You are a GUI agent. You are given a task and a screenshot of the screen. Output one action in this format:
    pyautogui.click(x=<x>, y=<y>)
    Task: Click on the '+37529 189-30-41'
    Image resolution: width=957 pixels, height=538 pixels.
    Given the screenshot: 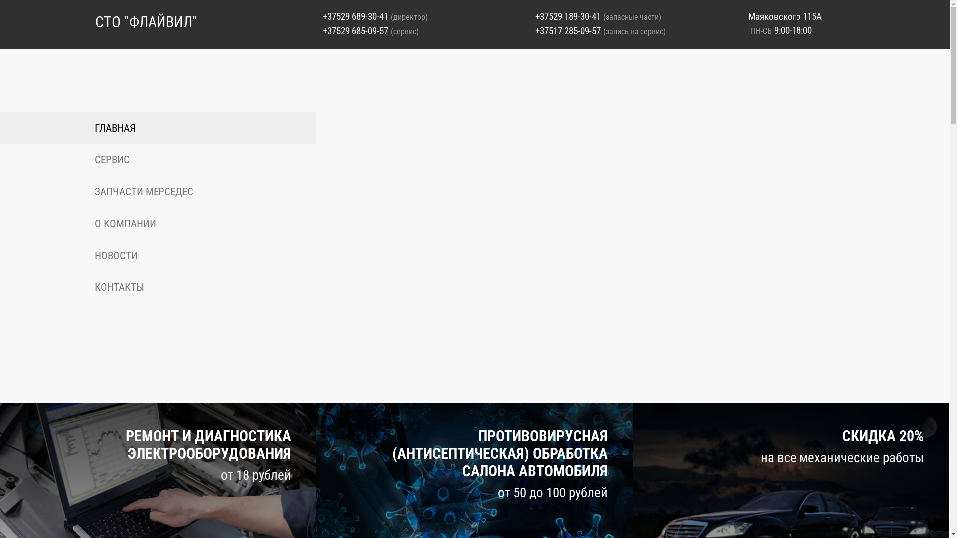 What is the action you would take?
    pyautogui.click(x=568, y=16)
    